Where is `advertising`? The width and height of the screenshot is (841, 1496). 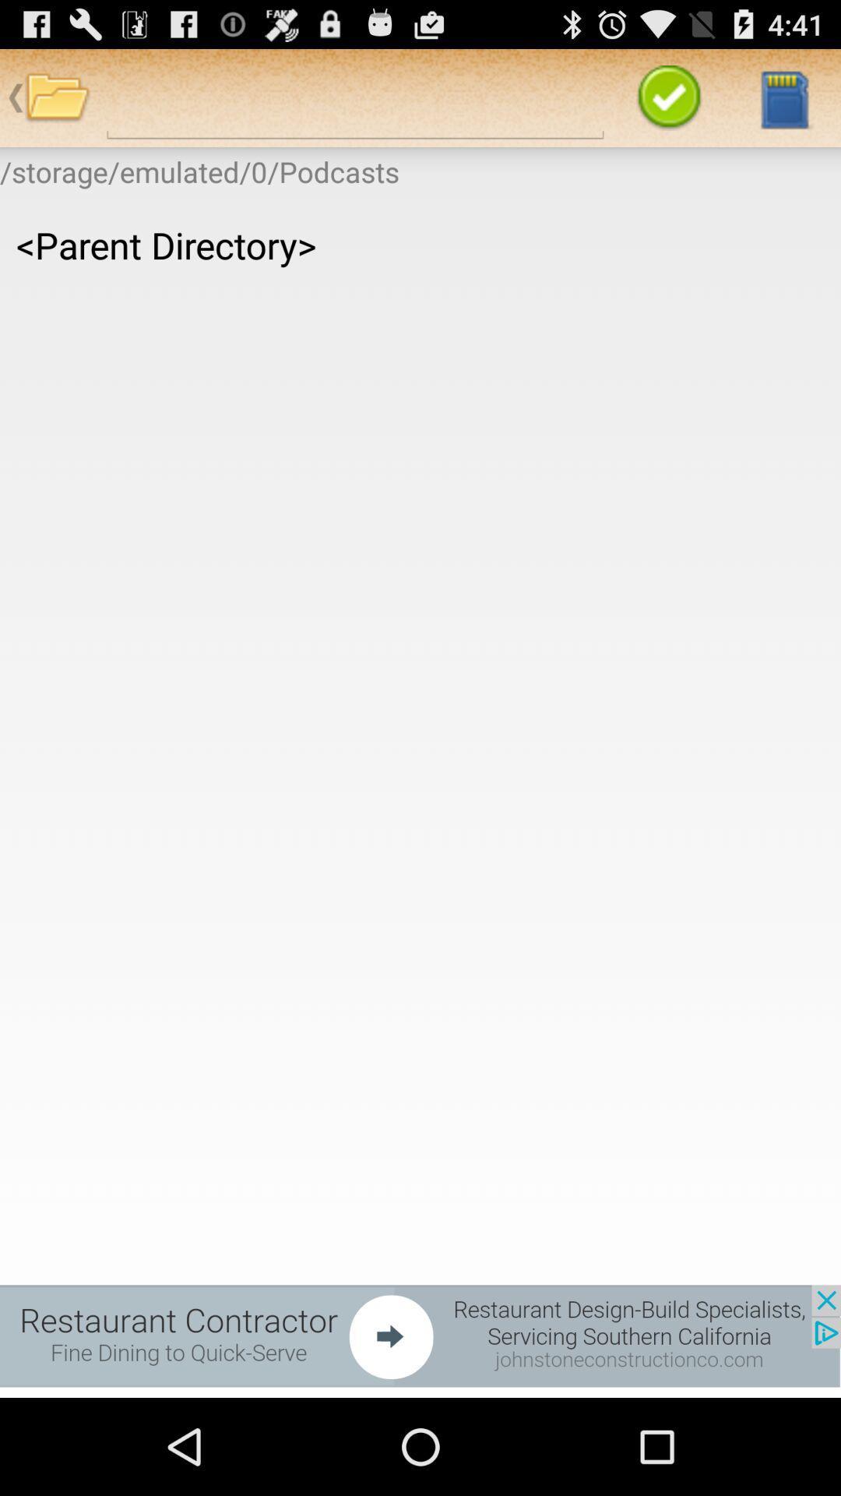 advertising is located at coordinates (420, 1335).